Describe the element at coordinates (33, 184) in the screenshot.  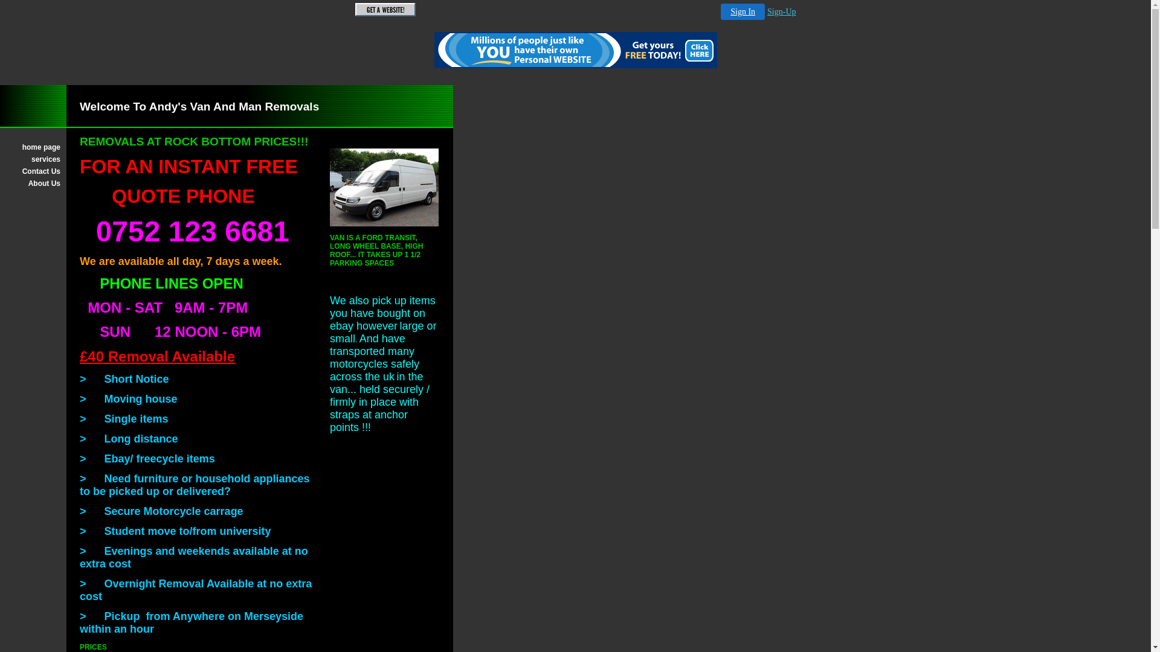
I see `'About Us'` at that location.